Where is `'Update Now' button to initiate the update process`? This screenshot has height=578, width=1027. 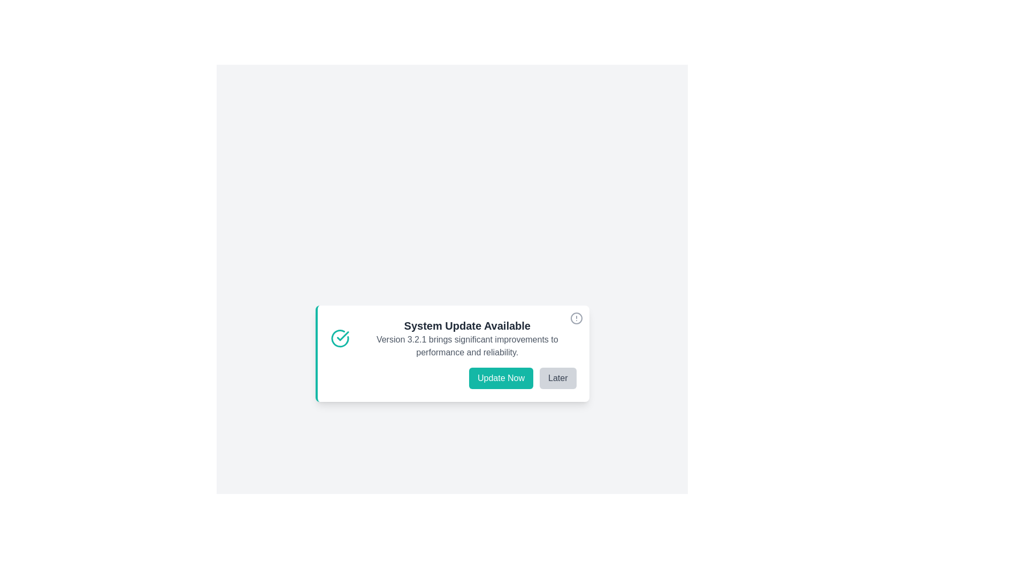 'Update Now' button to initiate the update process is located at coordinates (500, 377).